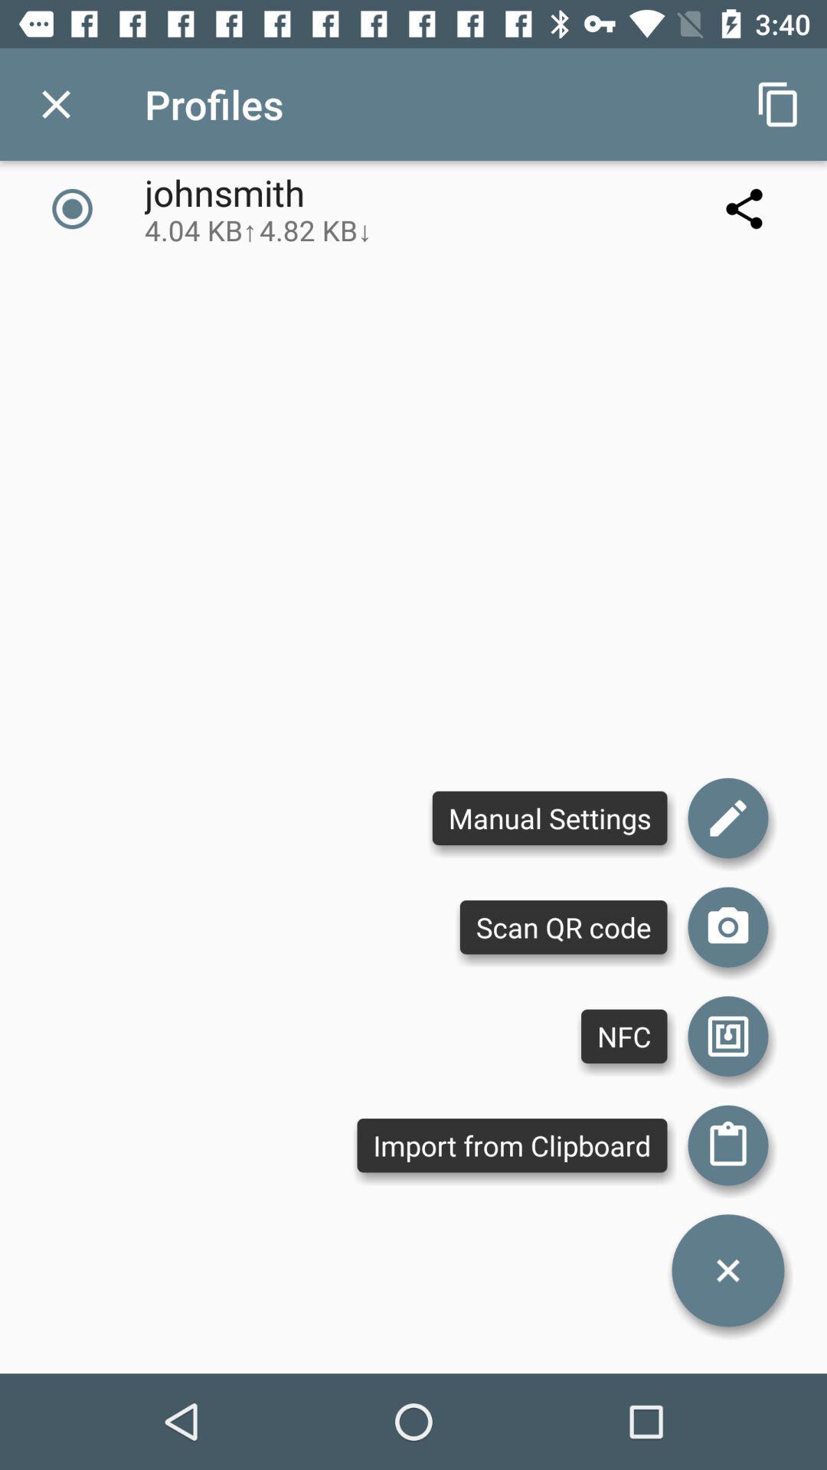 Image resolution: width=827 pixels, height=1470 pixels. What do you see at coordinates (727, 817) in the screenshot?
I see `edit manual settings` at bounding box center [727, 817].